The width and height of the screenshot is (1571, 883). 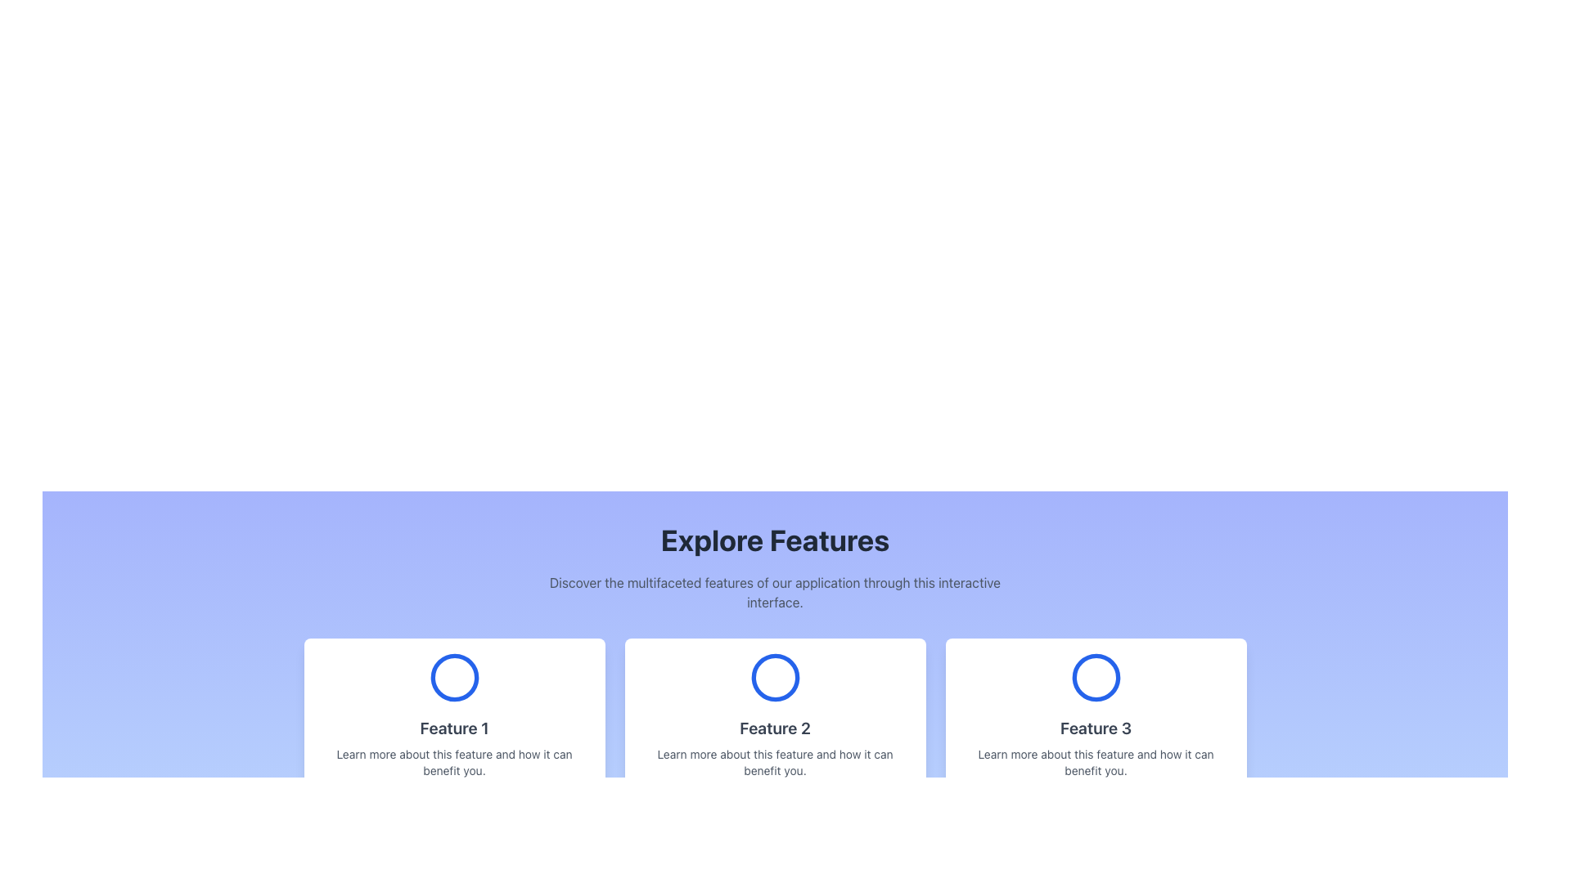 What do you see at coordinates (774, 763) in the screenshot?
I see `the text block that reads 'Learn more about this feature and how it can benefit you.' which is the second paragraph in the card labeled 'Feature 2'` at bounding box center [774, 763].